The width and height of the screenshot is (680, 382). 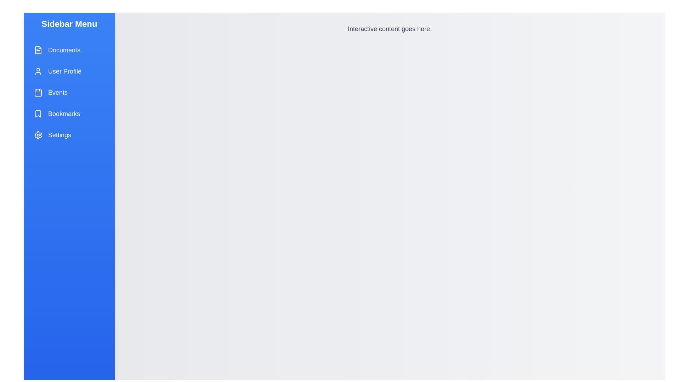 I want to click on the collapse button of the sidebar menu to collapse it, so click(x=17, y=17).